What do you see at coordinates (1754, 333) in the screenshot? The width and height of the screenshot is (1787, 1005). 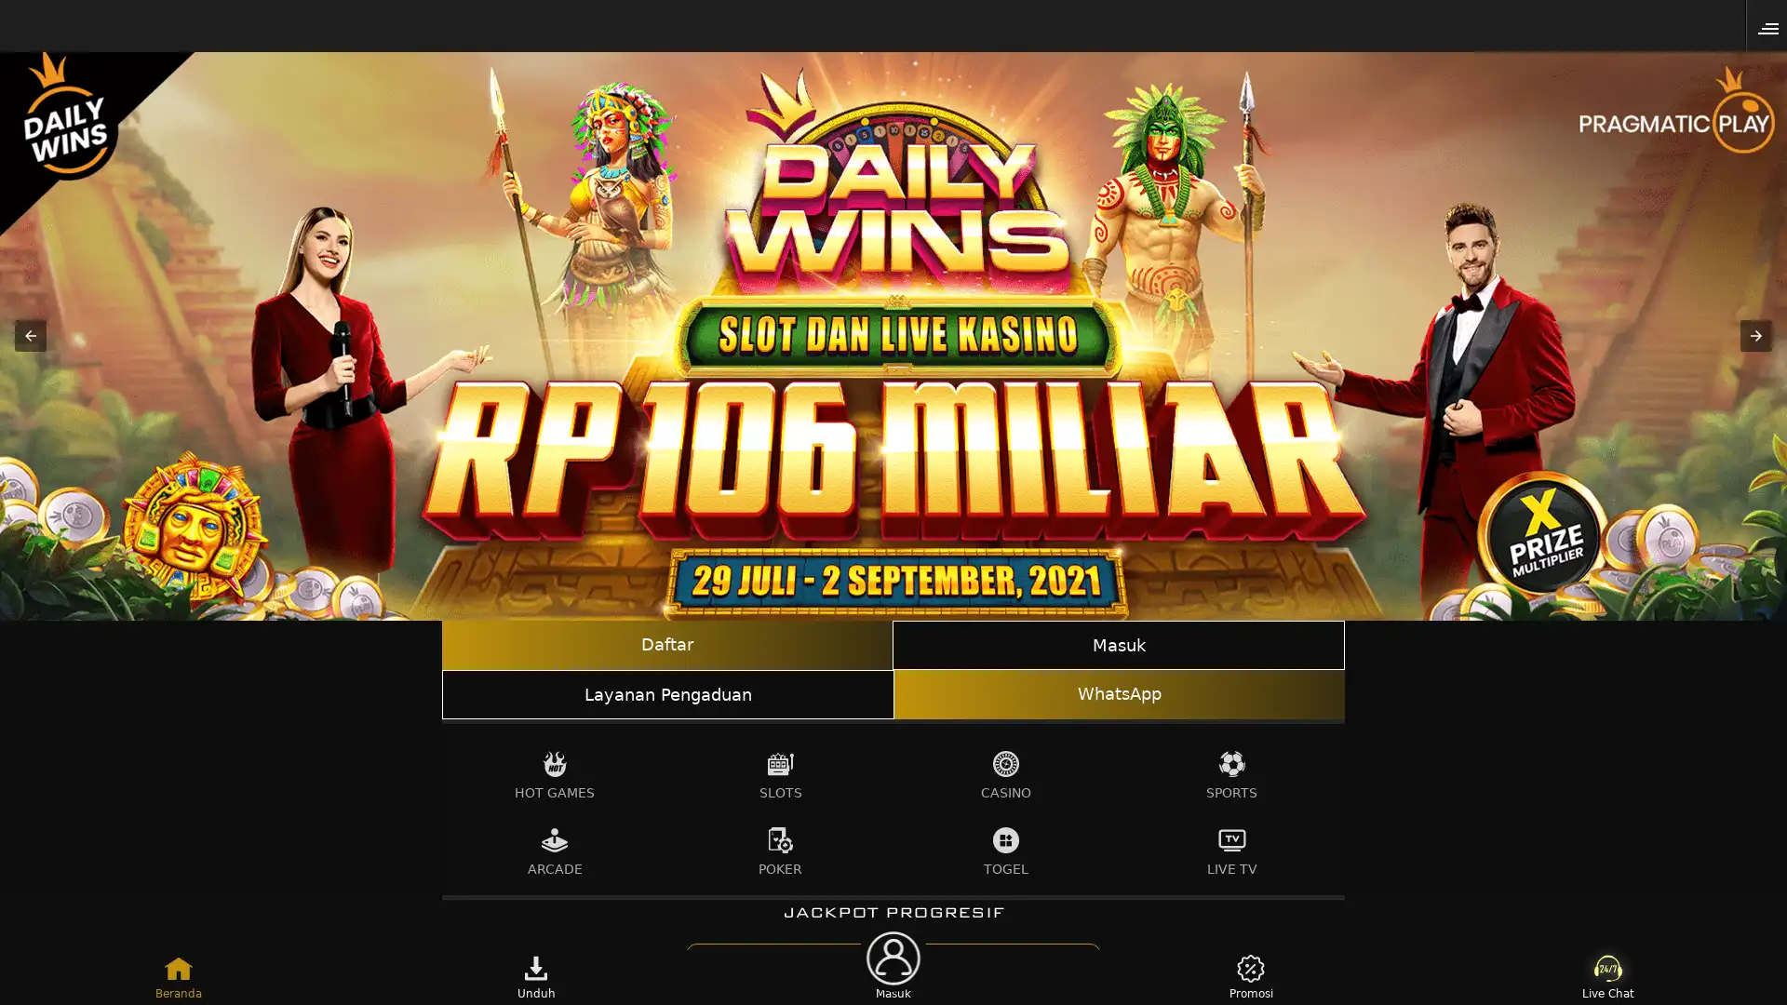 I see `Next item in carousel (3 of 3)` at bounding box center [1754, 333].